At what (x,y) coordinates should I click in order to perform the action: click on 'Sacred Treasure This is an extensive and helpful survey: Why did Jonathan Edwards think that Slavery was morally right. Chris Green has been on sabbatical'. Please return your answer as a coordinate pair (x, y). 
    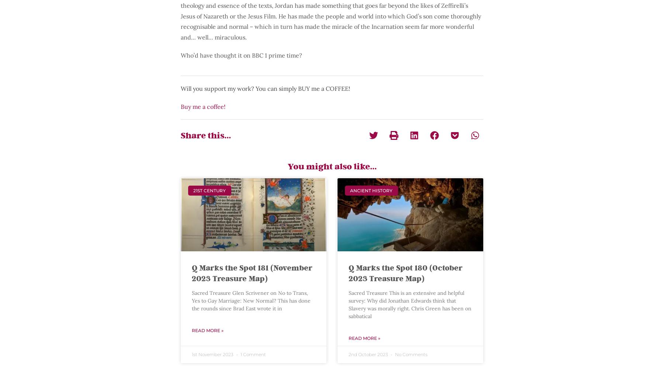
    Looking at the image, I should click on (410, 304).